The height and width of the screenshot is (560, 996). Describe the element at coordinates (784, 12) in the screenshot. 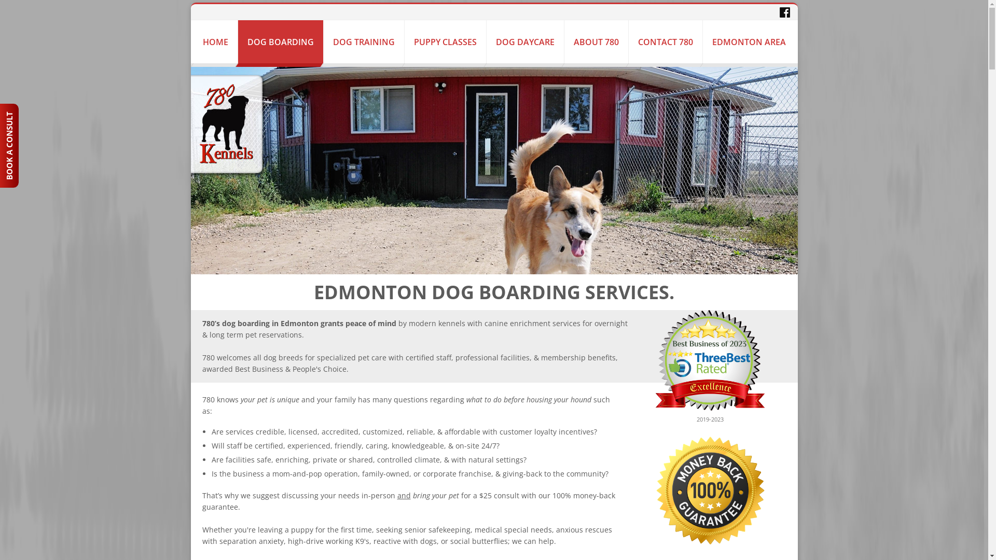

I see `'Follow 4,000 + likes for us on Facebook.'` at that location.